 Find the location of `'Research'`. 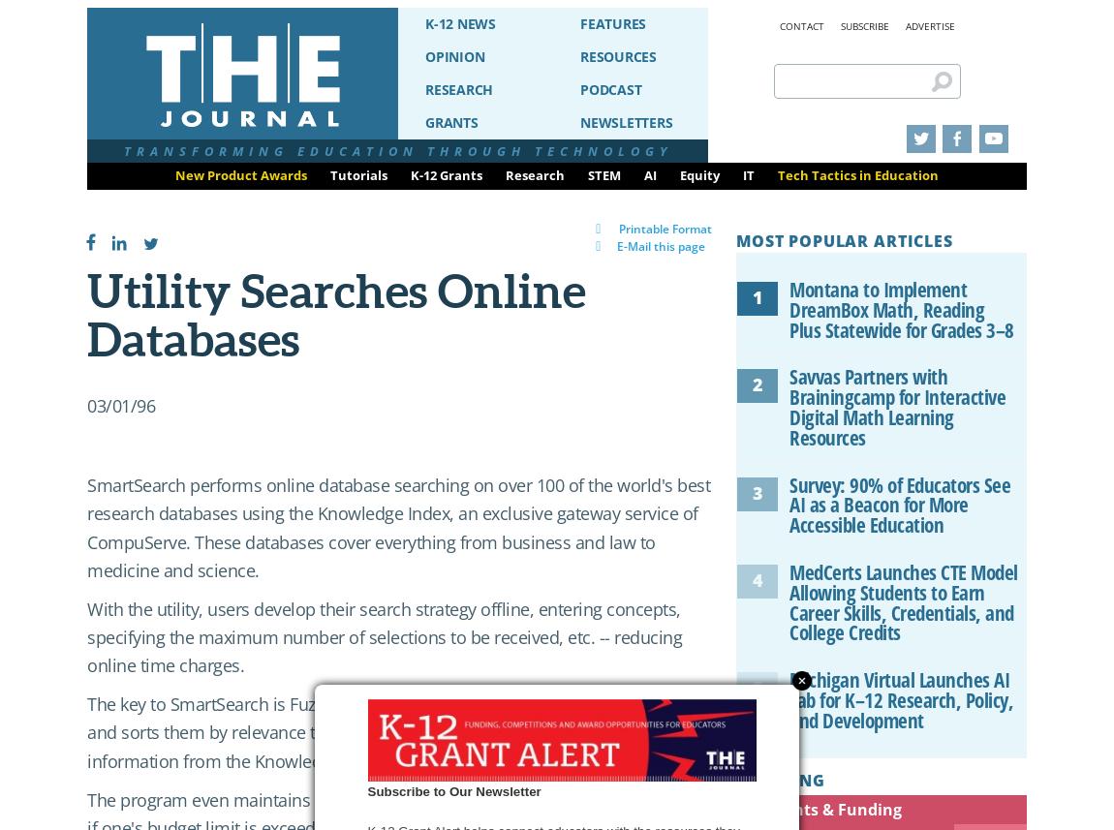

'Research' is located at coordinates (535, 174).